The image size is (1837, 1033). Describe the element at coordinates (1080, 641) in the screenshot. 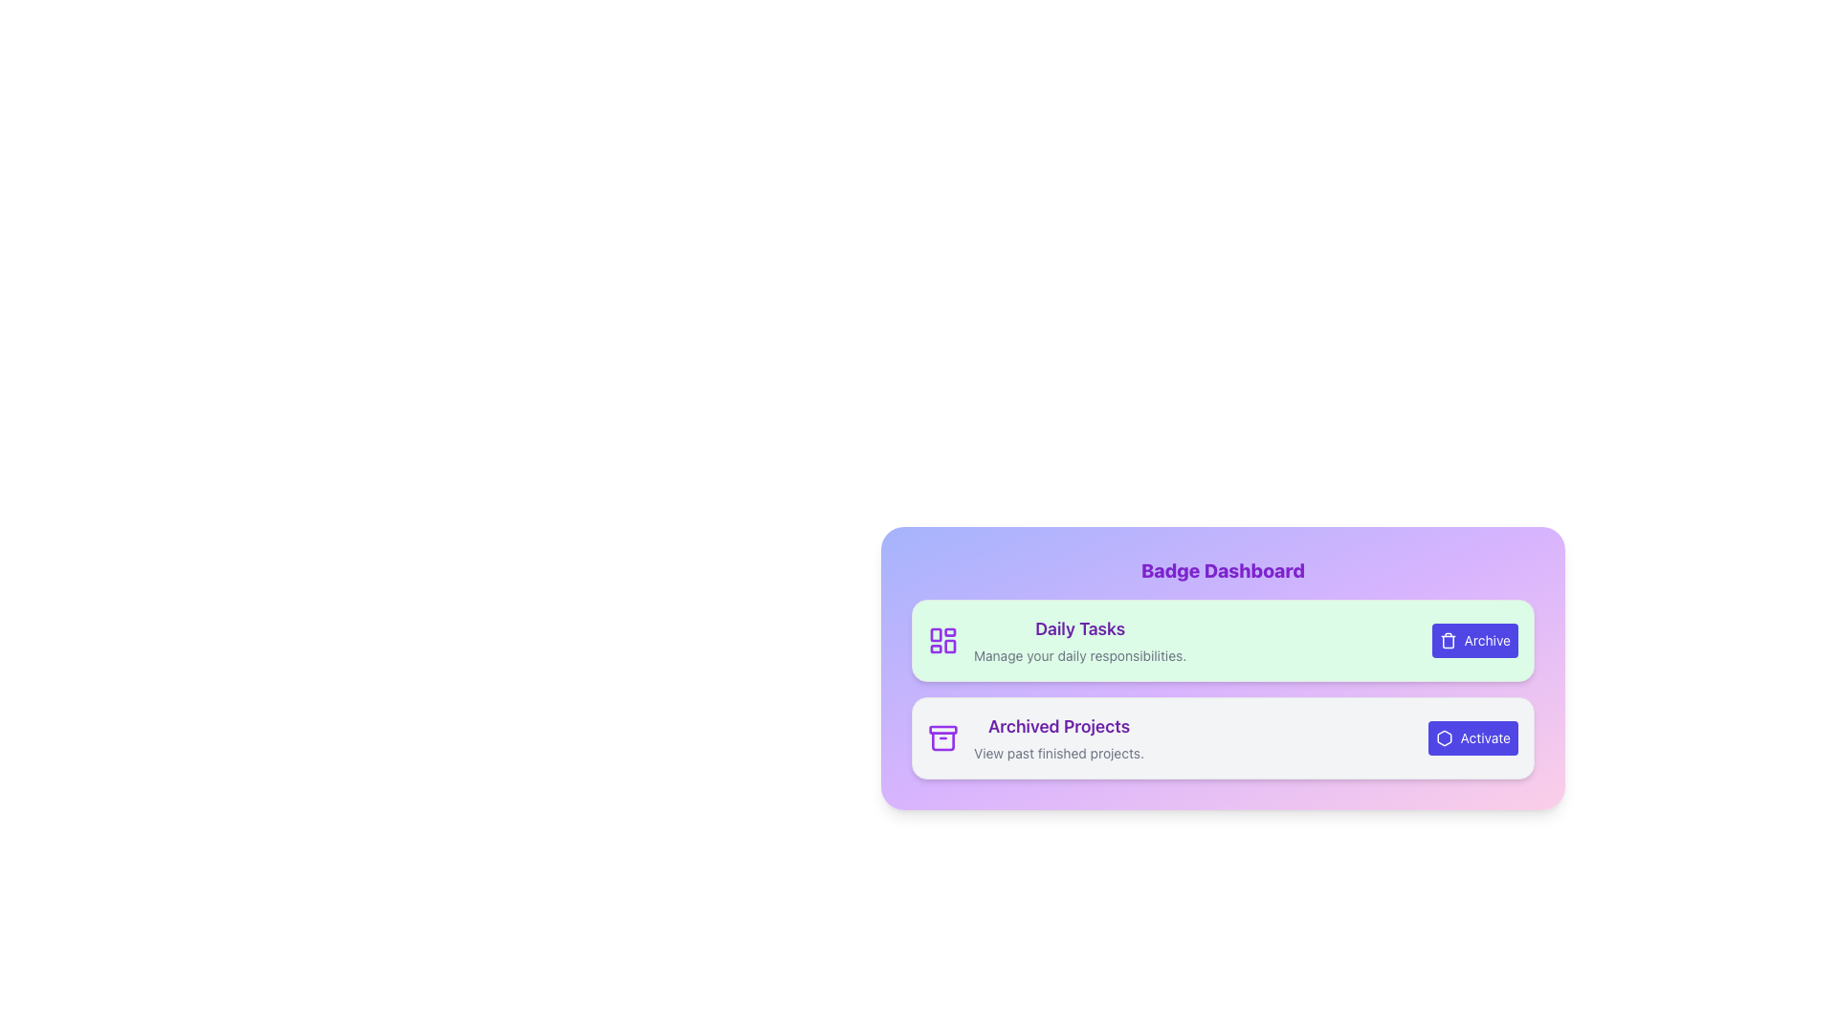

I see `the Informational text block element that displays 'Daily Tasks' in bold purple font and 'Manage your daily responsibilities.' in smaller gray text, located within a light green box in the 'Badge Dashboard' section` at that location.